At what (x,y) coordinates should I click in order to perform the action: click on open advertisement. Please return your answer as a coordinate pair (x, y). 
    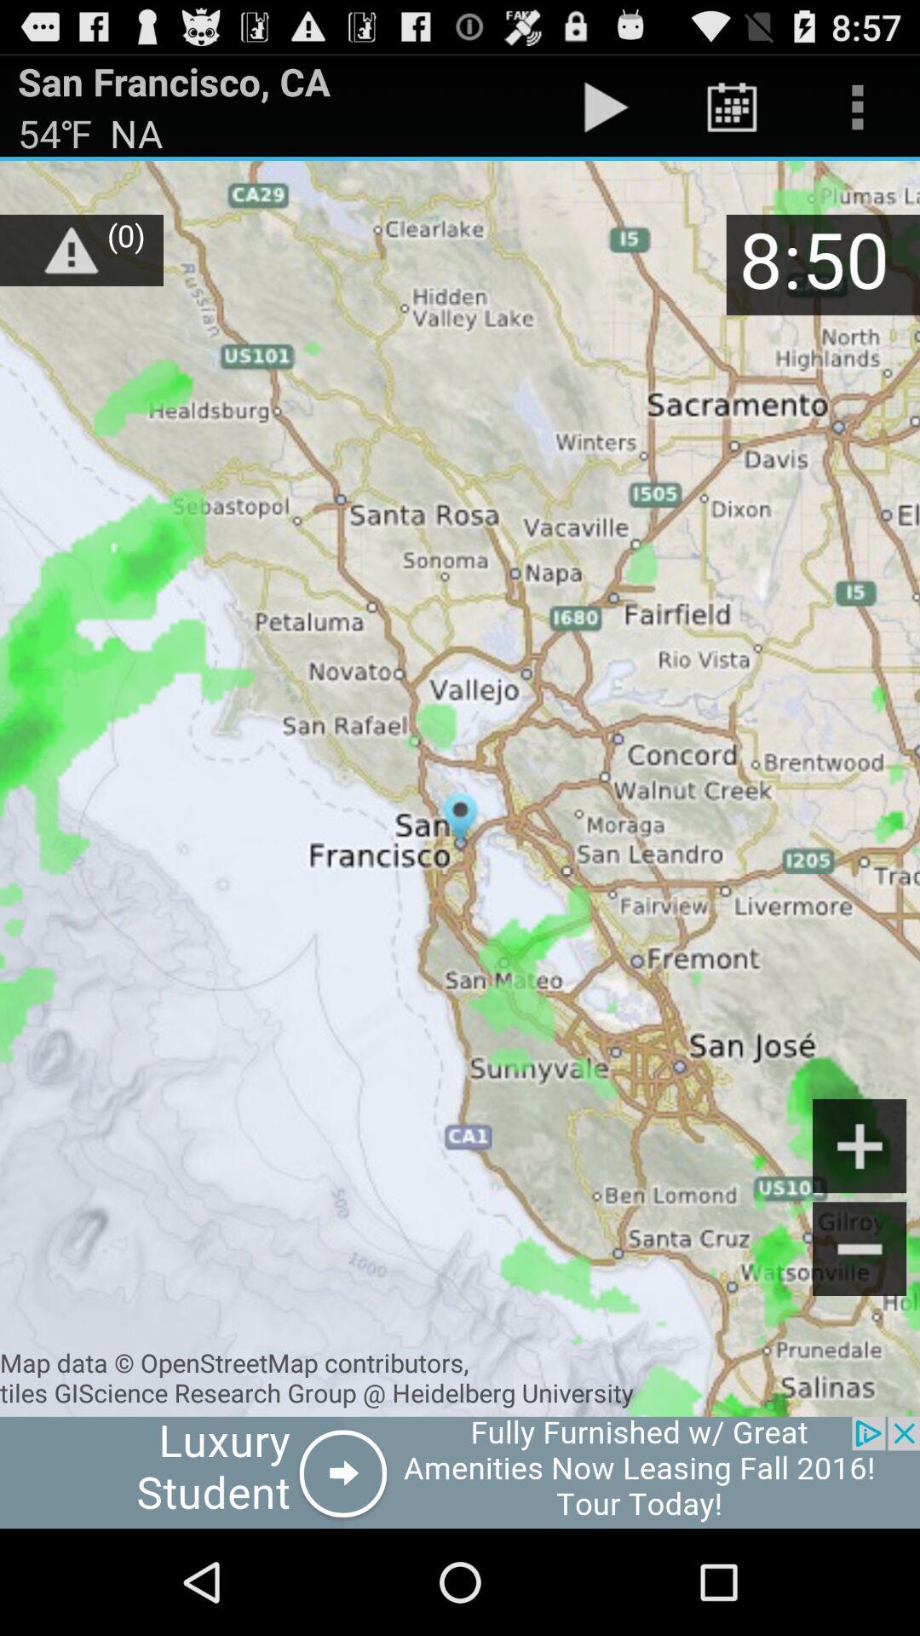
    Looking at the image, I should click on (460, 1472).